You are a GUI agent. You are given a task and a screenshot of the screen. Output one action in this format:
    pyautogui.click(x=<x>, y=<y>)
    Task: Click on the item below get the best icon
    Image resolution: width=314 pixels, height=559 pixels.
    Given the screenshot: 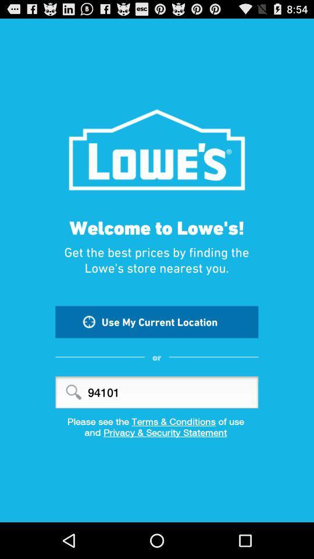 What is the action you would take?
    pyautogui.click(x=156, y=321)
    